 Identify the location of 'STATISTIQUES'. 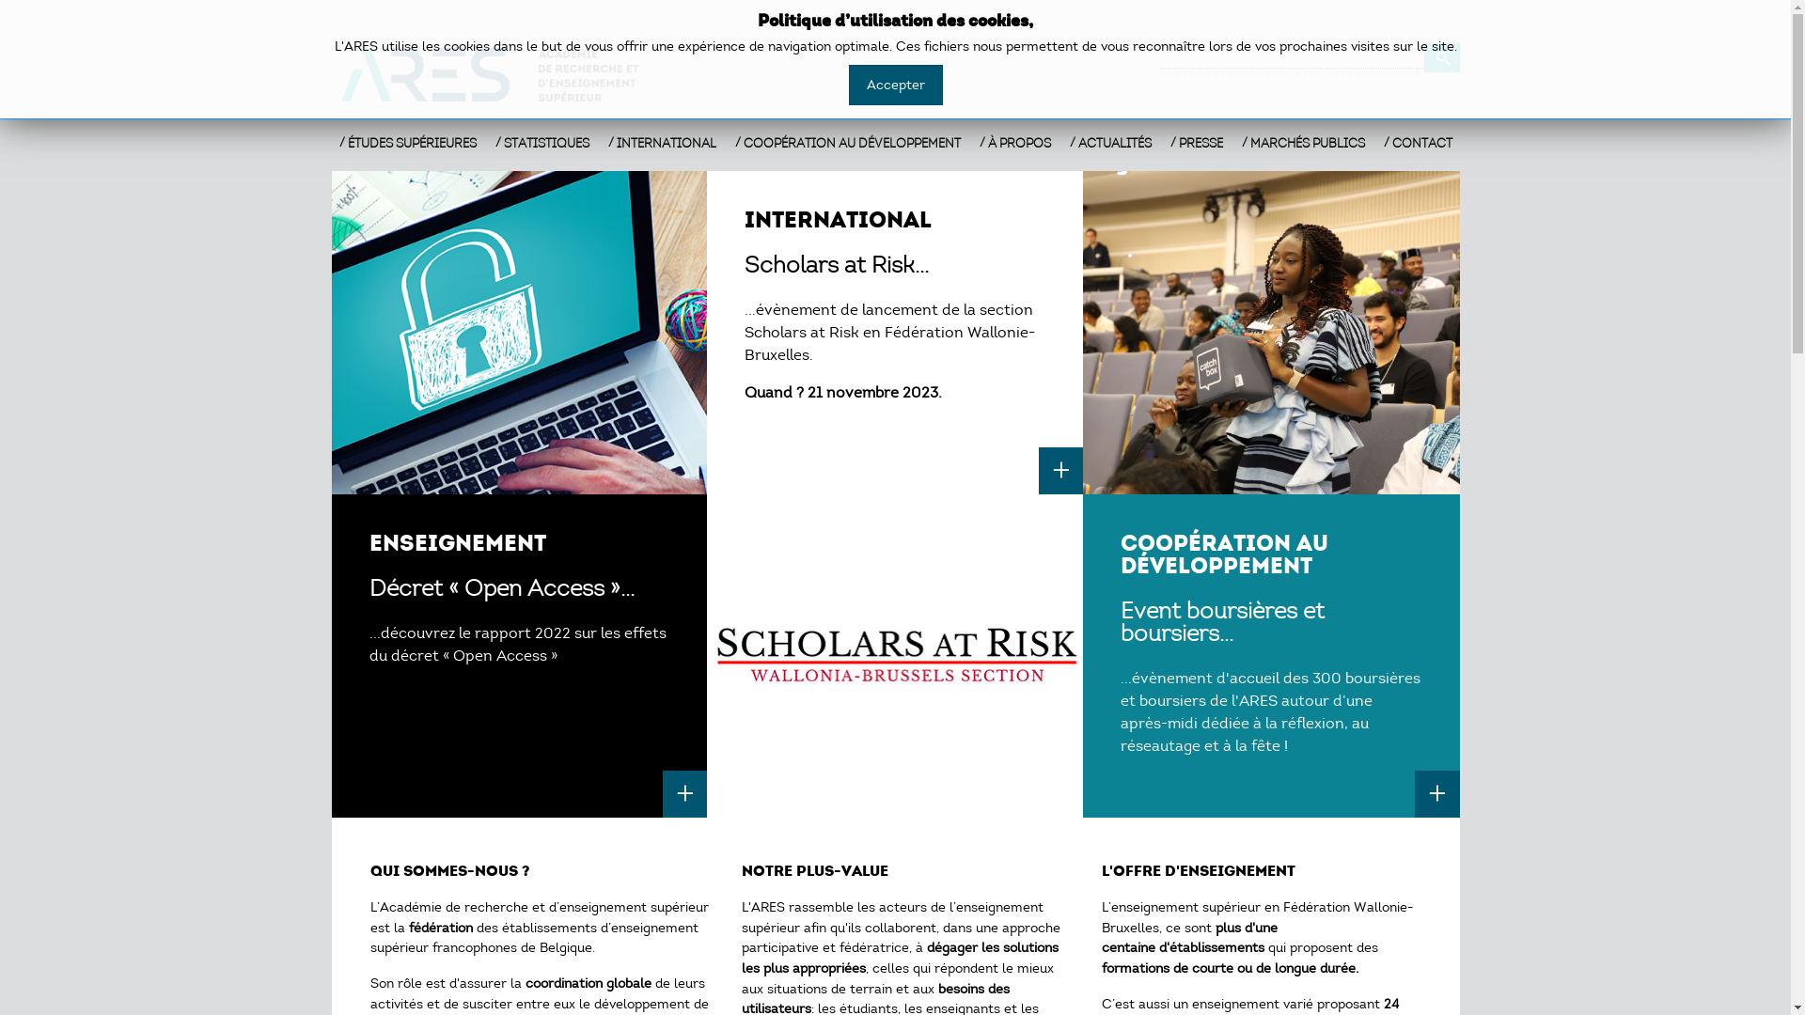
(494, 142).